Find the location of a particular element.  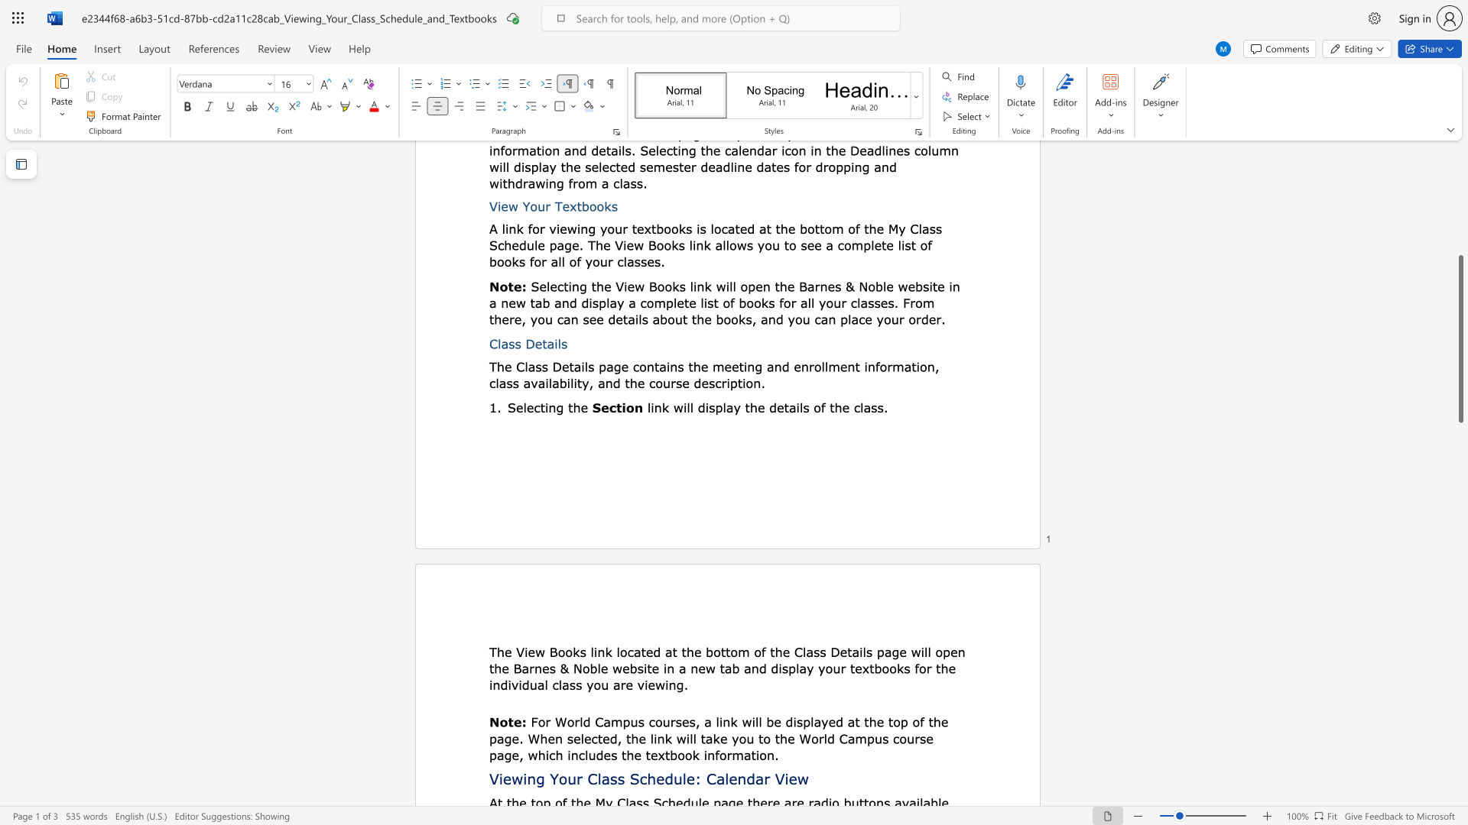

the scrollbar and move down 1730 pixels is located at coordinates (1460, 338).